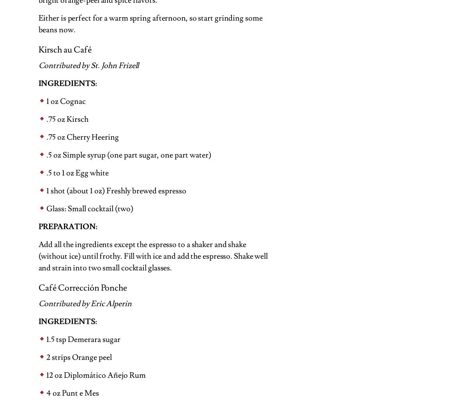 The image size is (465, 405). Describe the element at coordinates (46, 190) in the screenshot. I see `'1 shot (about 1 oz) Freshly brewed espresso'` at that location.